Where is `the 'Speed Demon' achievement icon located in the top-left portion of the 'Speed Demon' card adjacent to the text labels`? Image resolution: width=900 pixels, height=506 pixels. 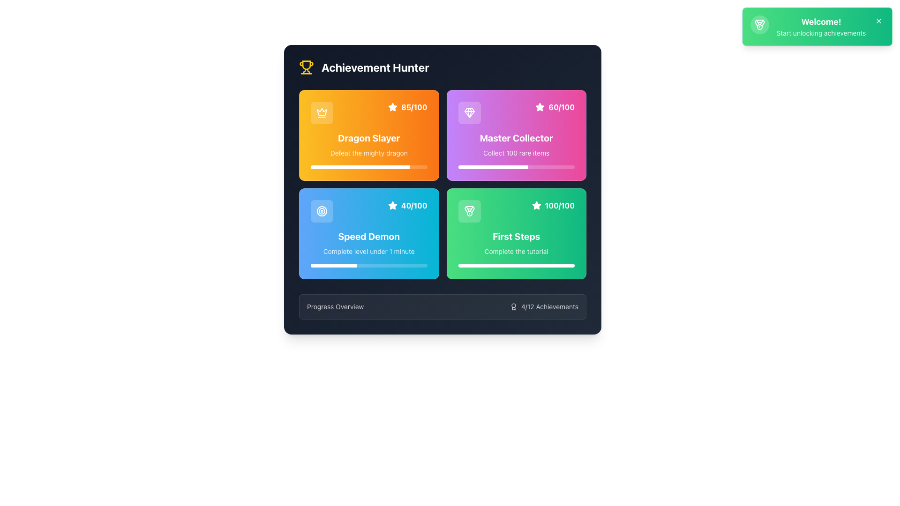
the 'Speed Demon' achievement icon located in the top-left portion of the 'Speed Demon' card adjacent to the text labels is located at coordinates (322, 211).